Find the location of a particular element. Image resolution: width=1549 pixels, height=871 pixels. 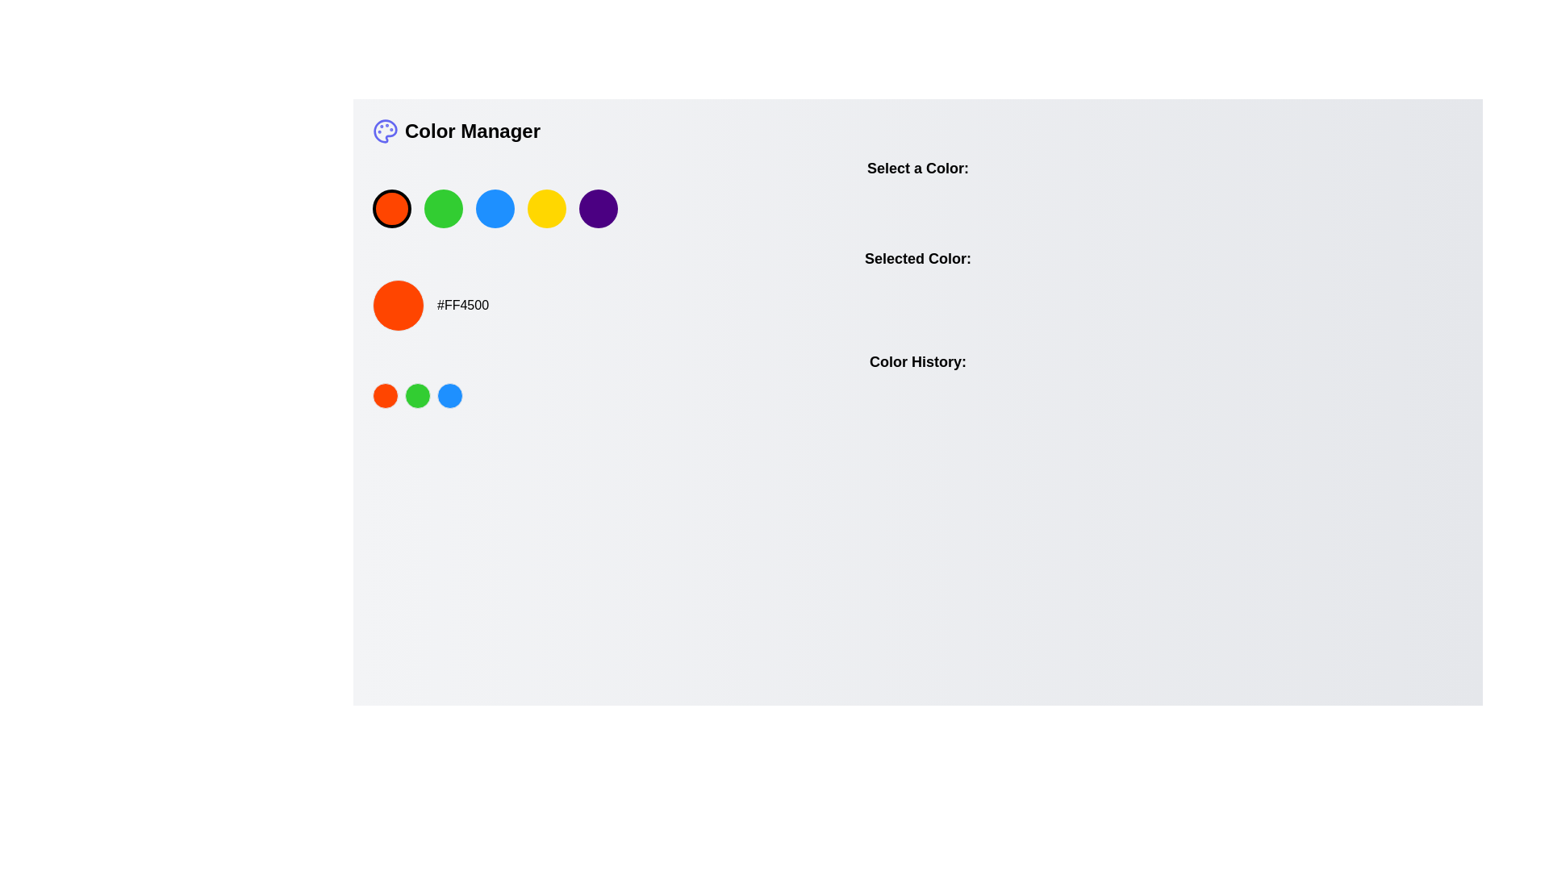

the header text label 'Color History:' which is styled in bold black font, located in the top center area of the interface, specifically in the 'Color History' subsection is located at coordinates (917, 360).